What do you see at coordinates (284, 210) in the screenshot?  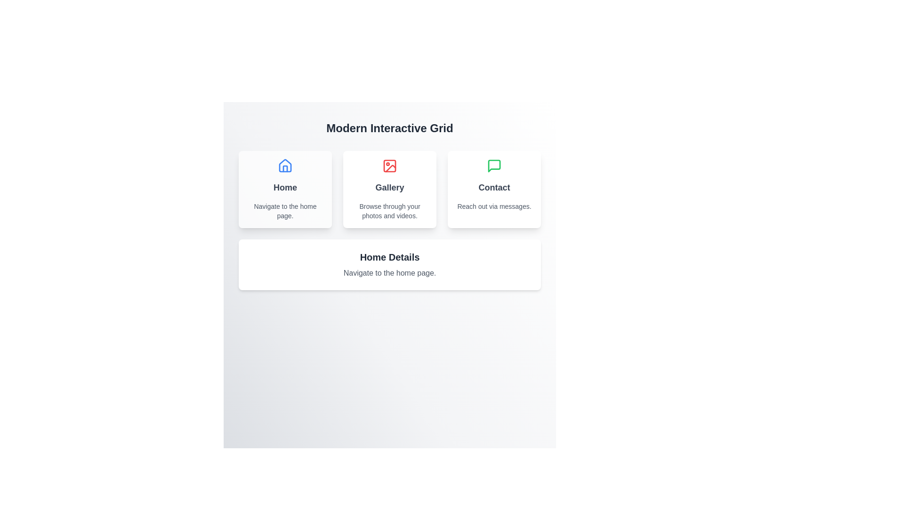 I see `the static text element that provides a short description or instruction related to the 'Home' card, located below the heading 'Home' and centered within the card background` at bounding box center [284, 210].